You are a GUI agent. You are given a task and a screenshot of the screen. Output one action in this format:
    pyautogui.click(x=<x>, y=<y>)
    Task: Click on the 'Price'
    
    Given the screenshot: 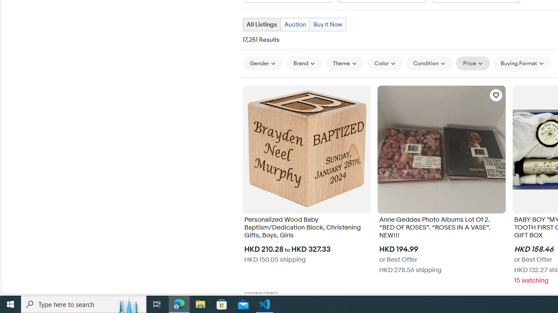 What is the action you would take?
    pyautogui.click(x=473, y=63)
    